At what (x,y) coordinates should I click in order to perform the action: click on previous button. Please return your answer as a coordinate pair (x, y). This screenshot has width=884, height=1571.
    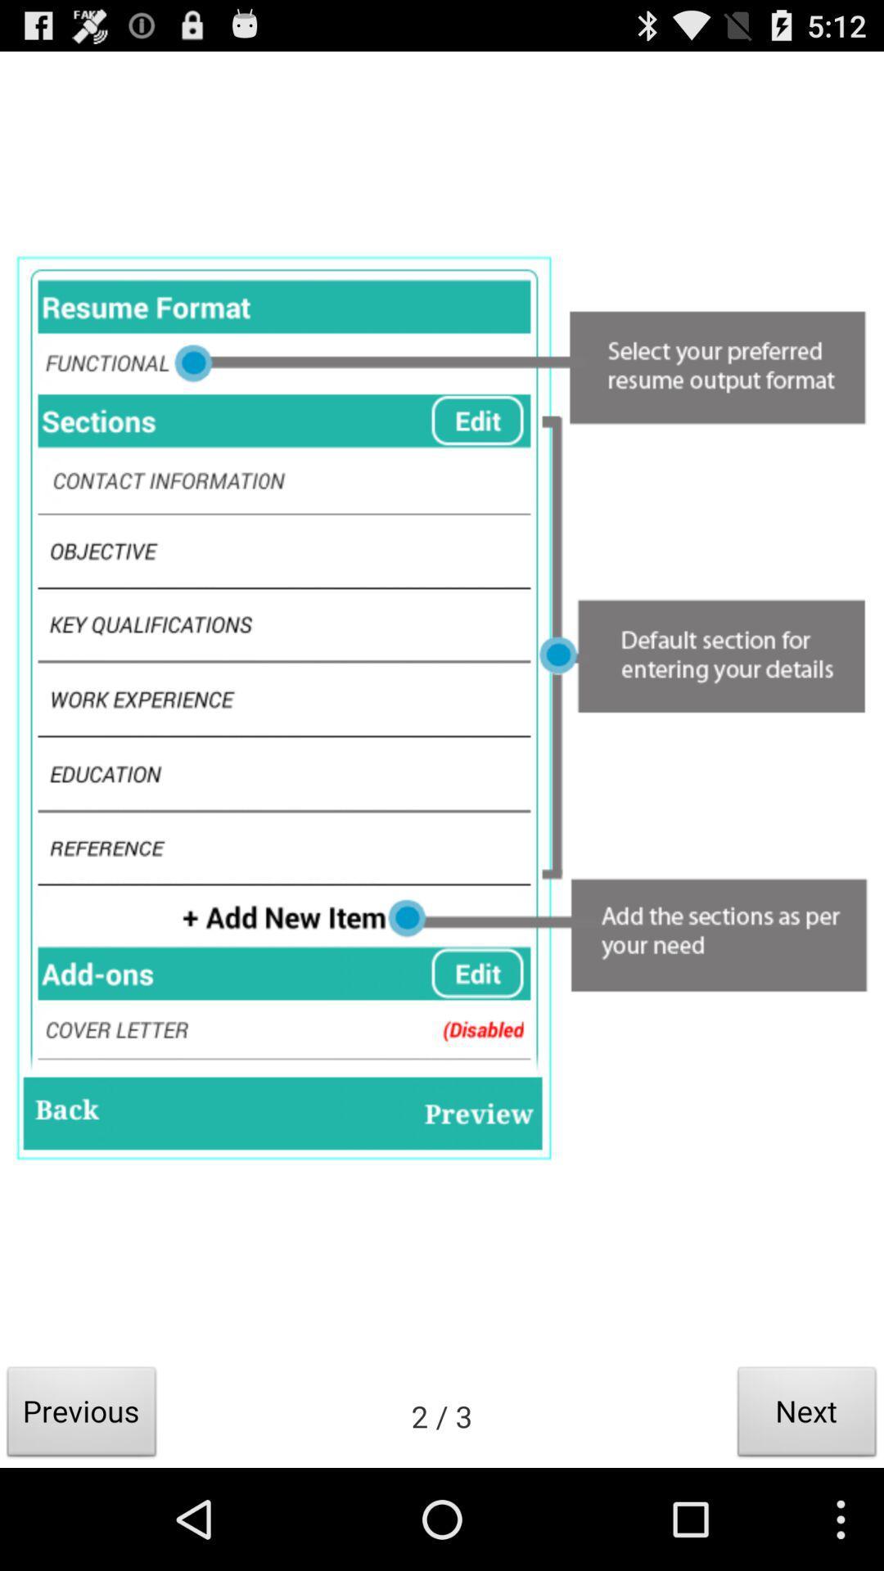
    Looking at the image, I should click on (82, 1416).